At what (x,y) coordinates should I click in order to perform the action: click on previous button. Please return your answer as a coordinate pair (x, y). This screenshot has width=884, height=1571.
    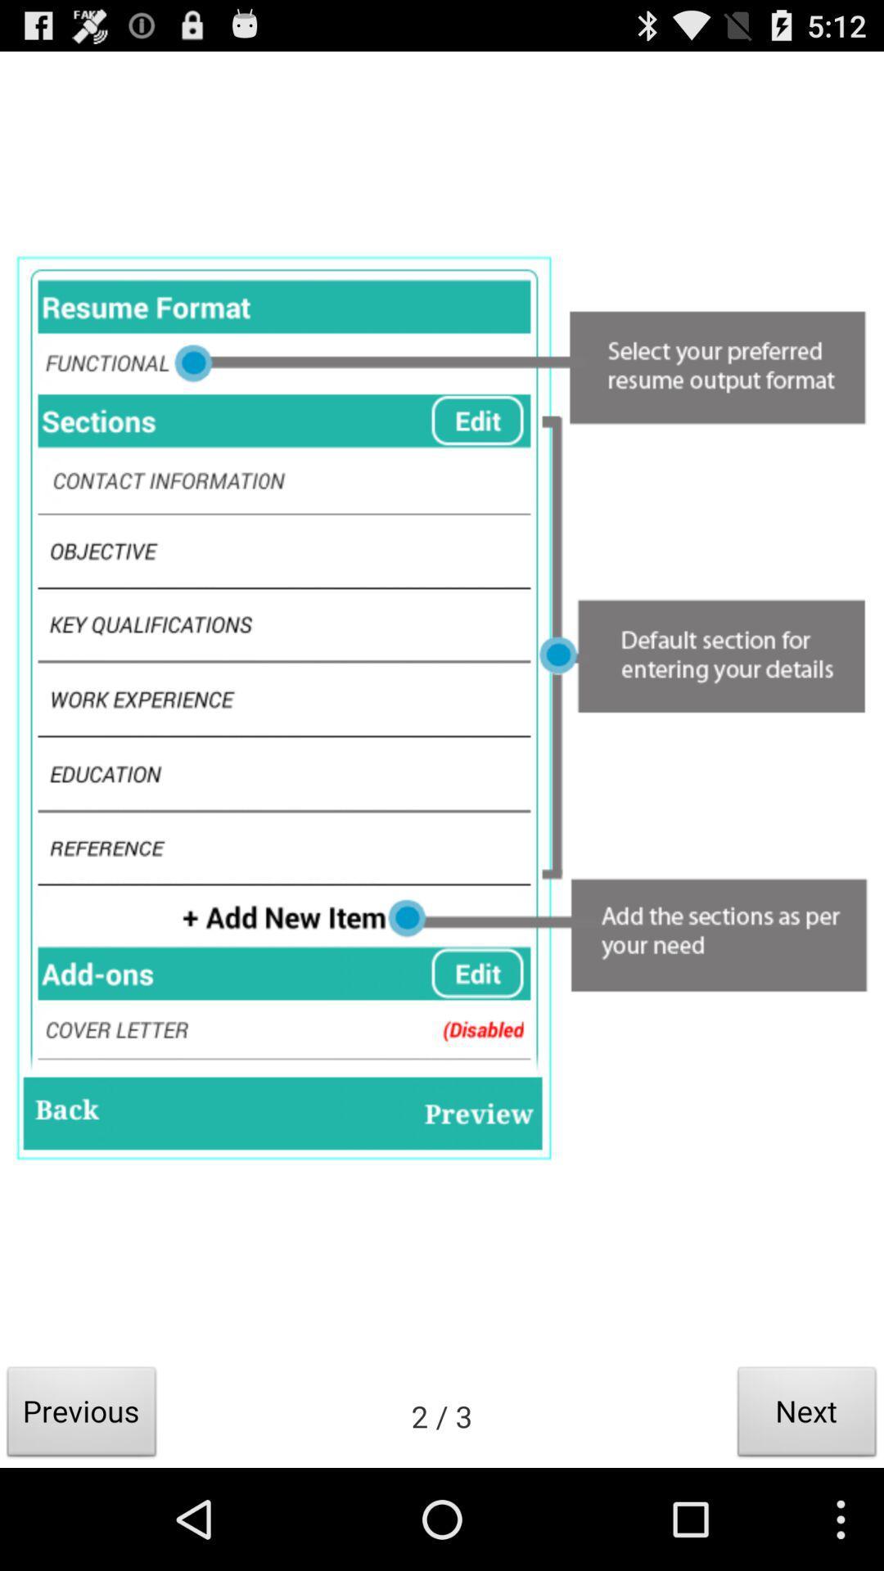
    Looking at the image, I should click on (82, 1416).